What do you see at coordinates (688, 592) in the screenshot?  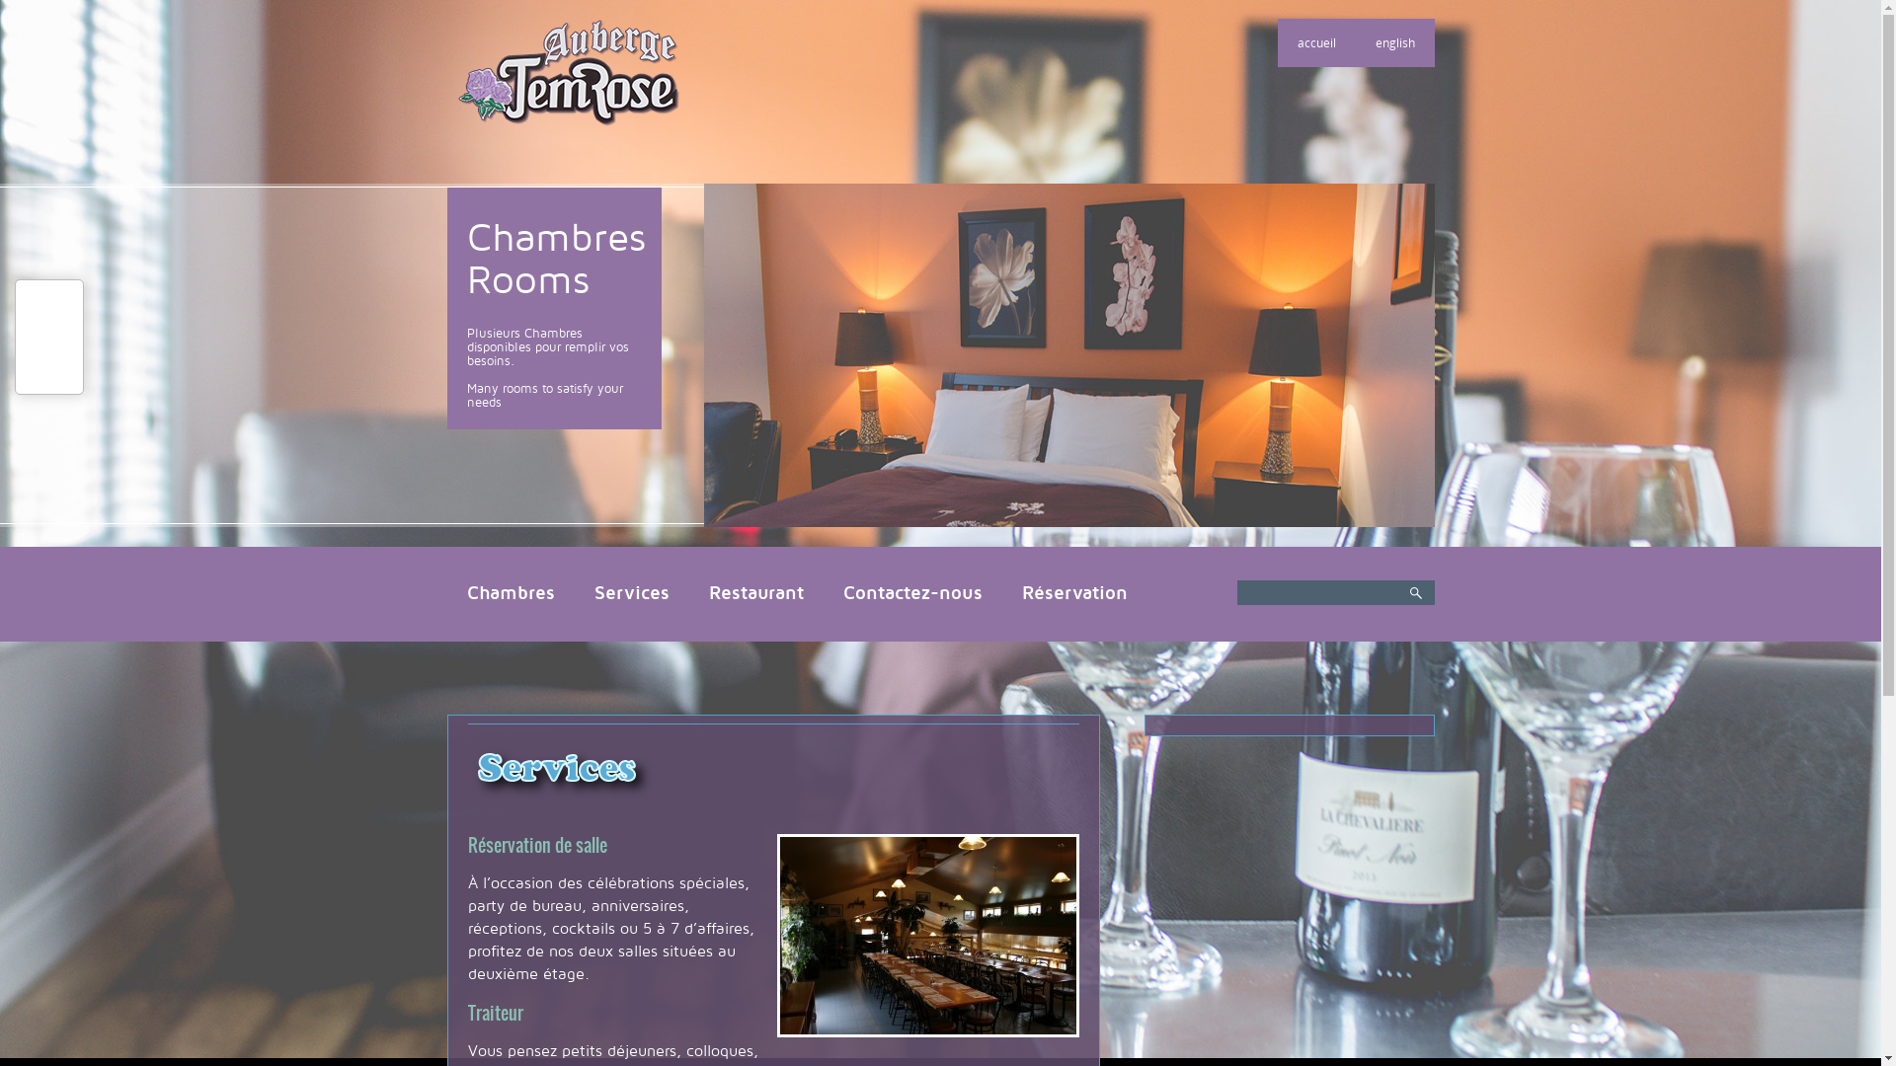 I see `'Restaurant'` at bounding box center [688, 592].